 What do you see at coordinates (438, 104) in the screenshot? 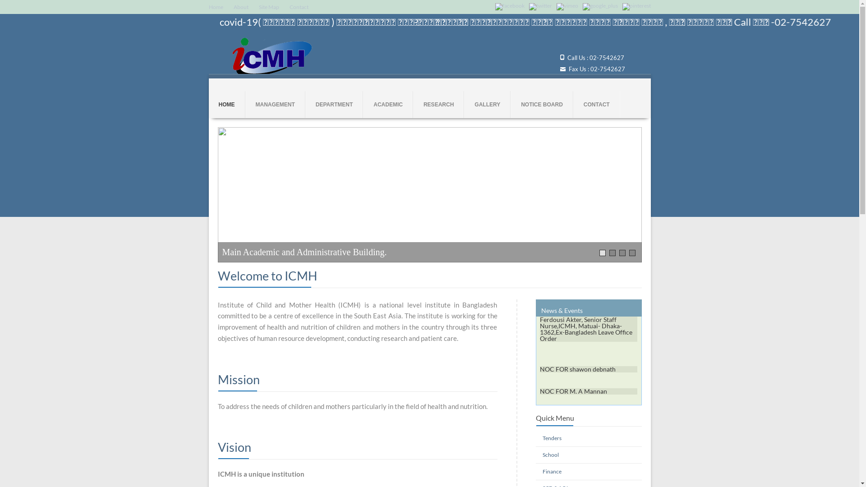
I see `'RESEARCH'` at bounding box center [438, 104].